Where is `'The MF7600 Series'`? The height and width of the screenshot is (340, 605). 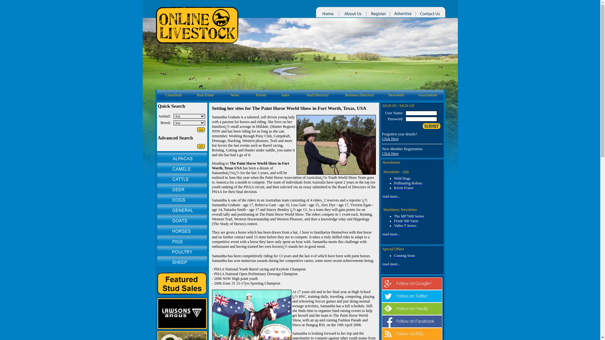
'The MF7600 Series' is located at coordinates (409, 216).